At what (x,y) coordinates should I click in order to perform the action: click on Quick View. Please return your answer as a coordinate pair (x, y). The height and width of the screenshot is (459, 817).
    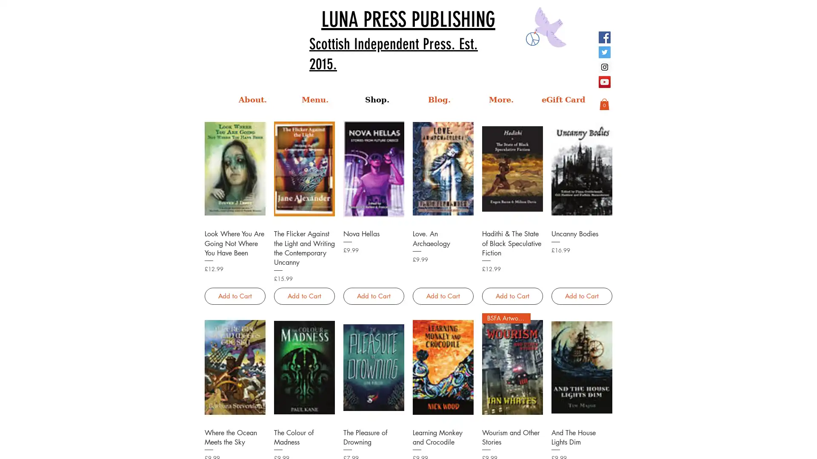
    Looking at the image, I should click on (581, 431).